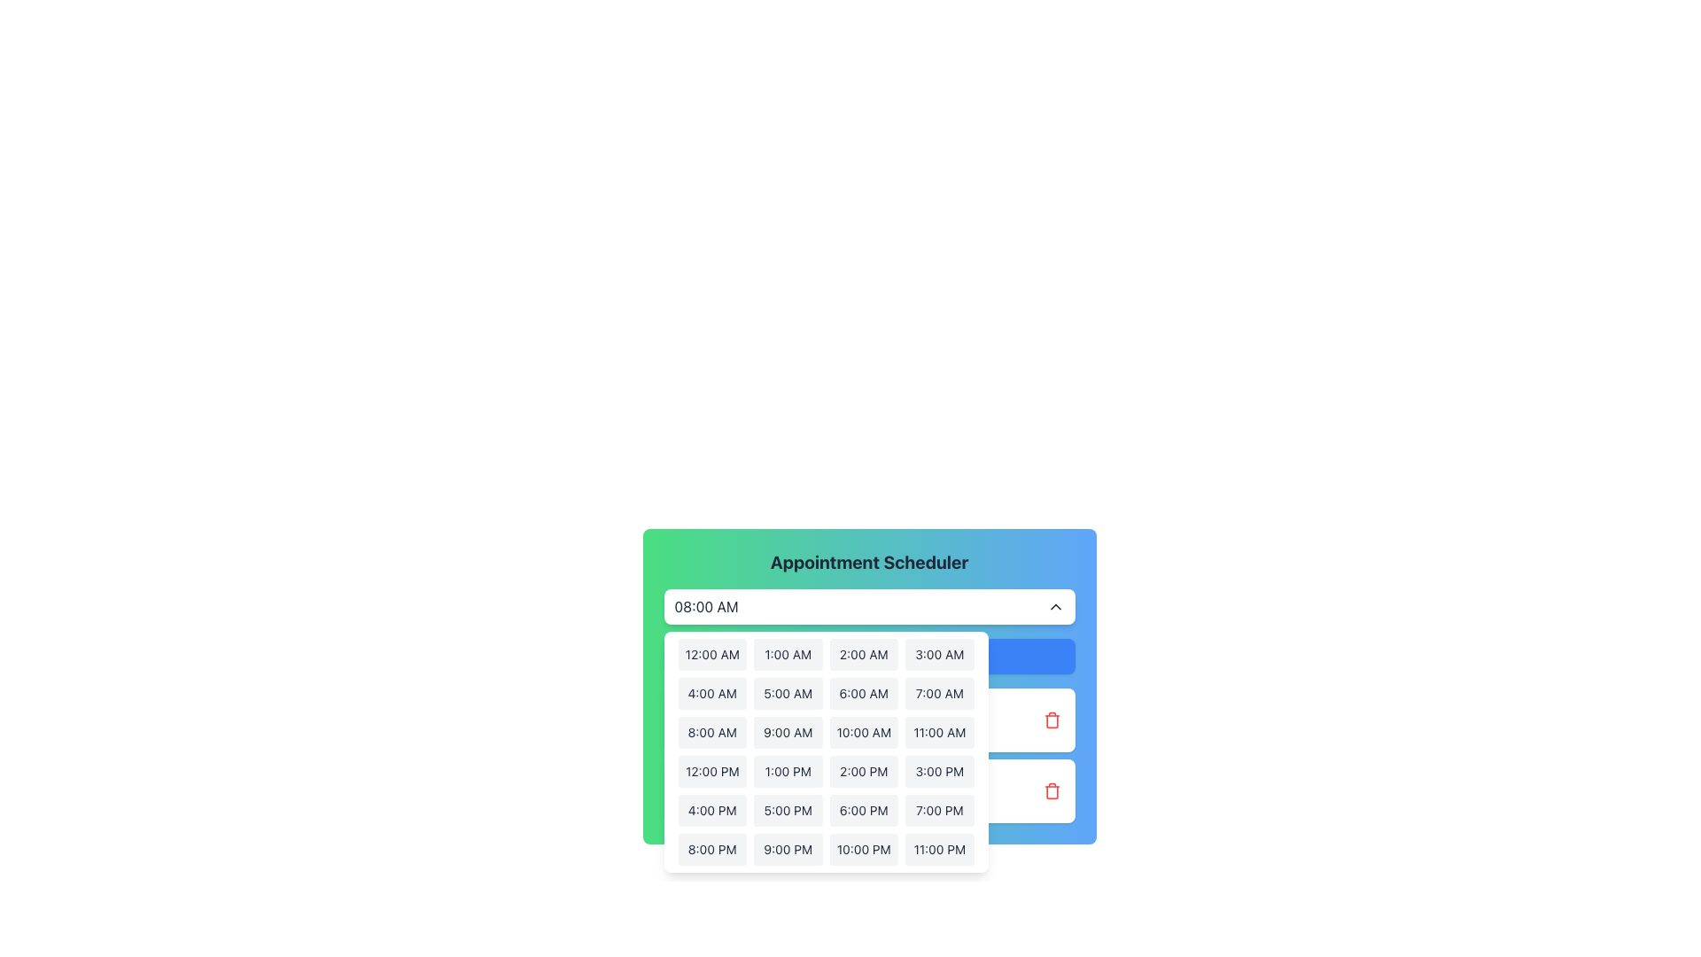 This screenshot has width=1701, height=957. What do you see at coordinates (938, 771) in the screenshot?
I see `the rectangular button labeled '3:00 PM' located in the last row and fourth column of the time slot grid` at bounding box center [938, 771].